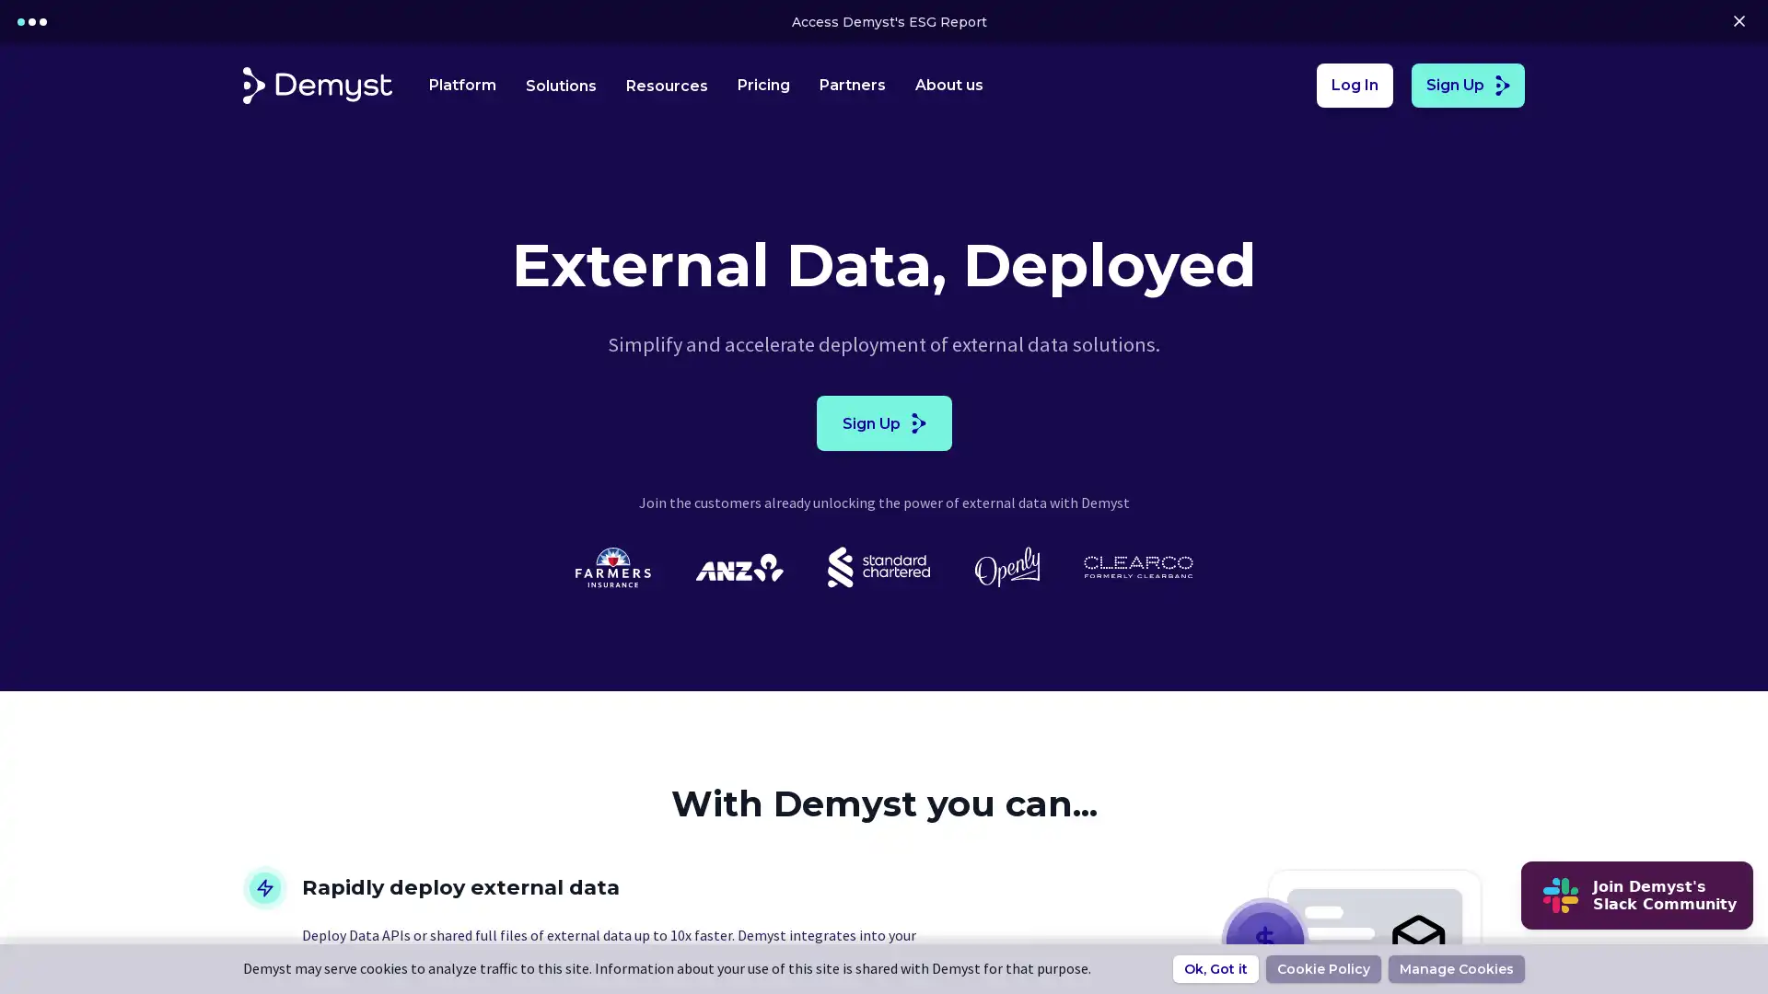 Image resolution: width=1768 pixels, height=994 pixels. What do you see at coordinates (43, 21) in the screenshot?
I see `Banner control button 2` at bounding box center [43, 21].